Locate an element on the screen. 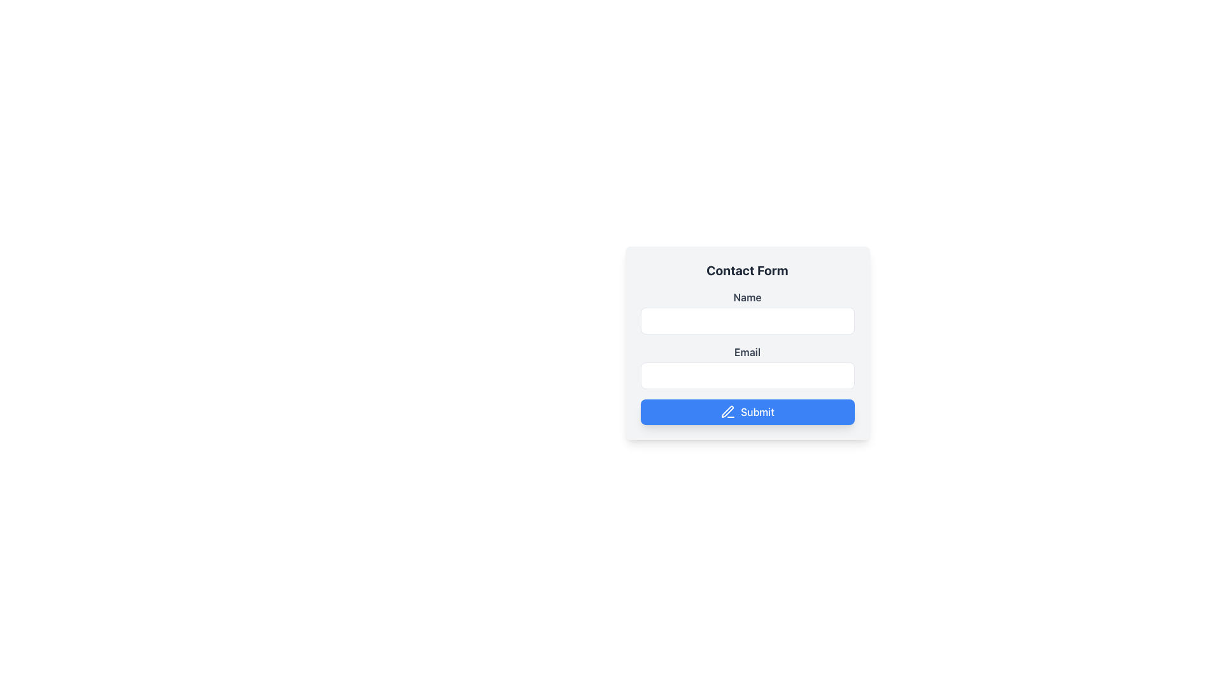  the pen or edit icon located to the left of the 'Submit' button on a blue background is located at coordinates (728, 412).